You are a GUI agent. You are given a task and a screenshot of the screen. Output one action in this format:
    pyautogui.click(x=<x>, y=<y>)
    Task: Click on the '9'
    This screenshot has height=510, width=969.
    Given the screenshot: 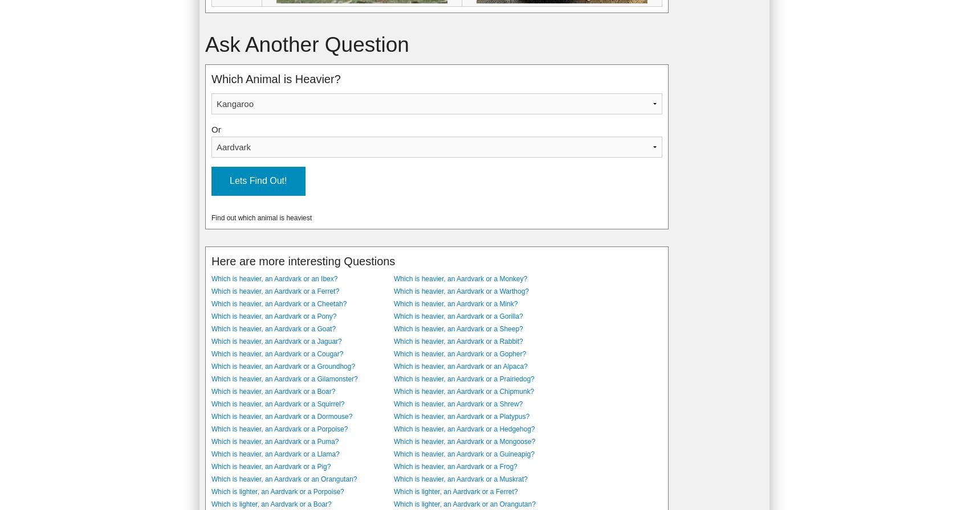 What is the action you would take?
    pyautogui.click(x=216, y=109)
    